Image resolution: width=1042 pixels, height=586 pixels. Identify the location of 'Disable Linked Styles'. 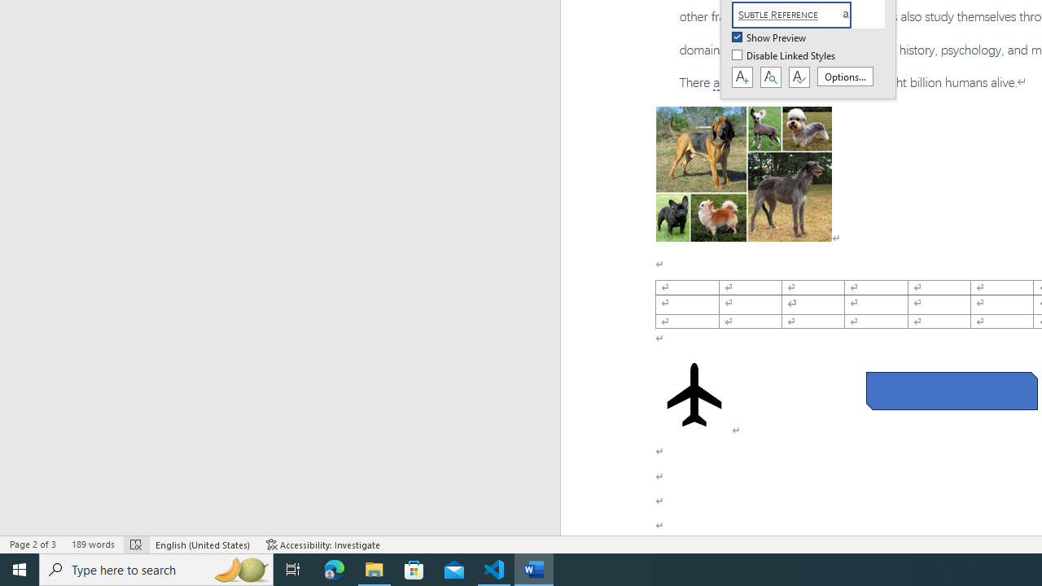
(785, 55).